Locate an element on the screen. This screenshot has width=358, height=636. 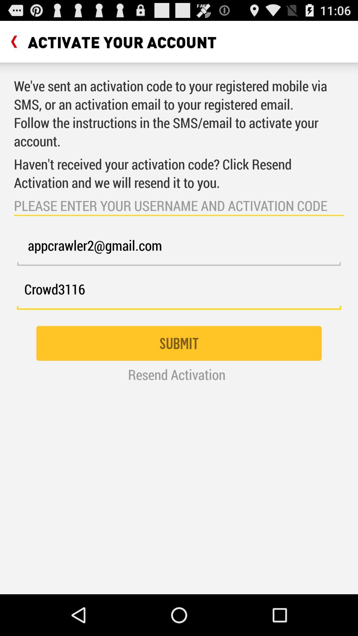
the icon below appcrawler2@gmail.com icon is located at coordinates (179, 292).